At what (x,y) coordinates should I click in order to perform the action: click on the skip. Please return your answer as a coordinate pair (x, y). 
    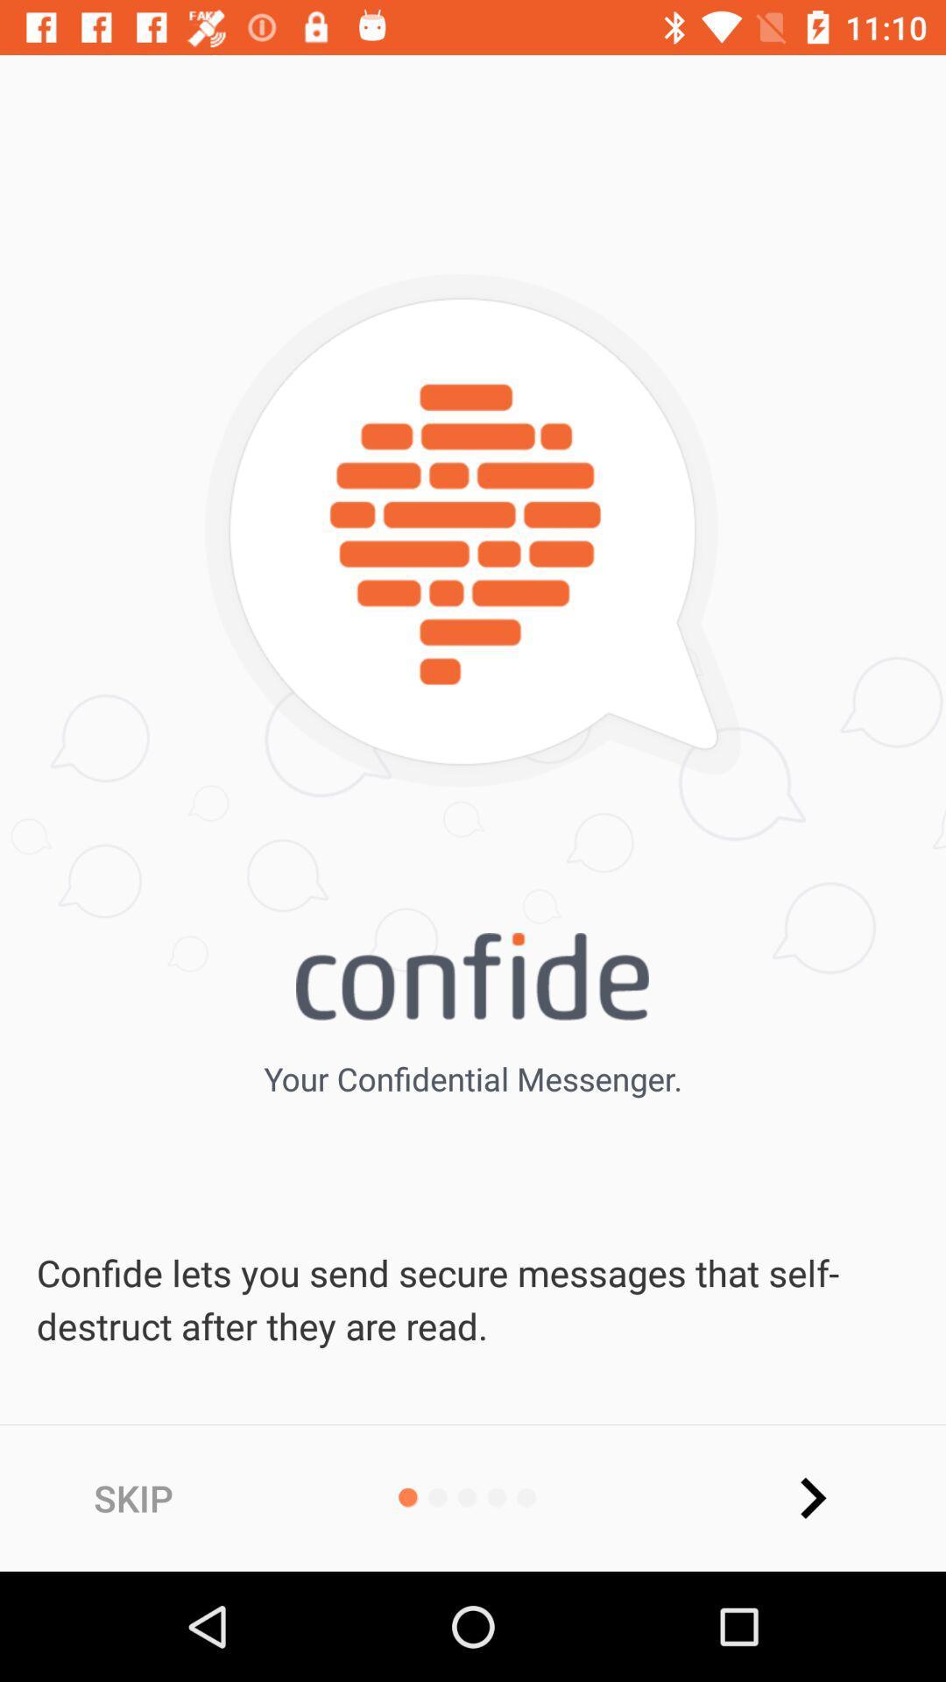
    Looking at the image, I should click on (132, 1497).